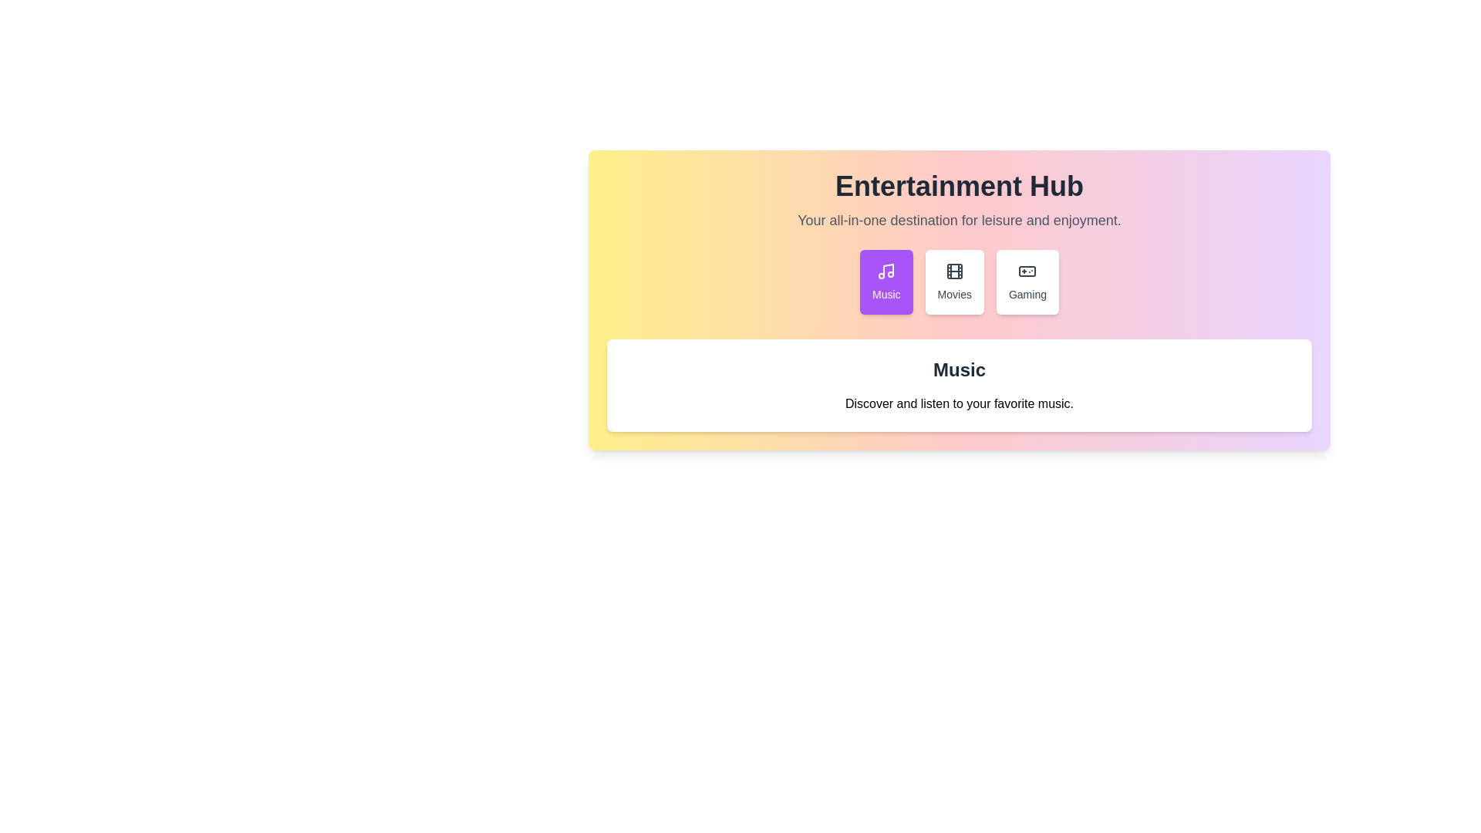 This screenshot has width=1481, height=833. What do you see at coordinates (1027, 270) in the screenshot?
I see `the game controller icon located within the 'Gaming' card, which features a rounded rectangle shape and a cross-shaped directional pad` at bounding box center [1027, 270].